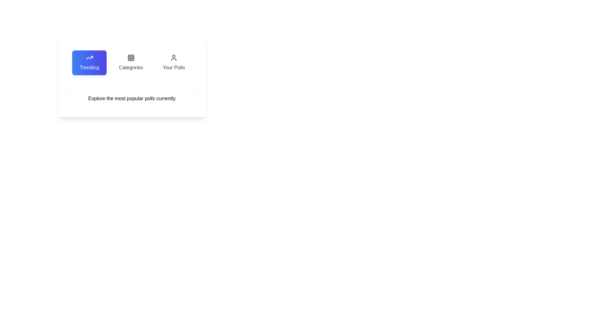 The height and width of the screenshot is (334, 595). What do you see at coordinates (174, 63) in the screenshot?
I see `the tab labeled Your Polls to view its hover effect` at bounding box center [174, 63].